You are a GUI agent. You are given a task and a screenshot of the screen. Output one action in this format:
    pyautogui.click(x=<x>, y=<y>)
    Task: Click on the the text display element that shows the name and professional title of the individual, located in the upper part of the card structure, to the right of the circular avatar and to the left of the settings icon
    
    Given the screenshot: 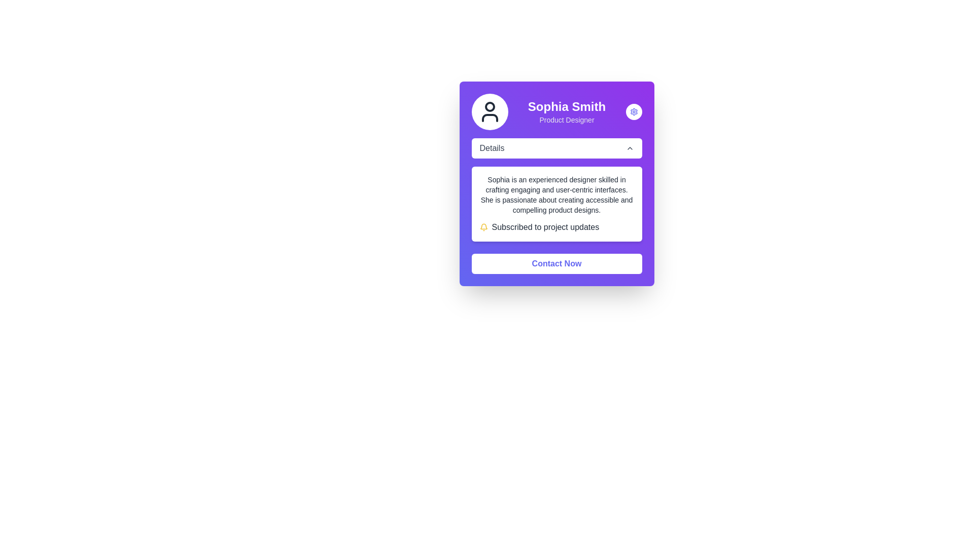 What is the action you would take?
    pyautogui.click(x=566, y=111)
    